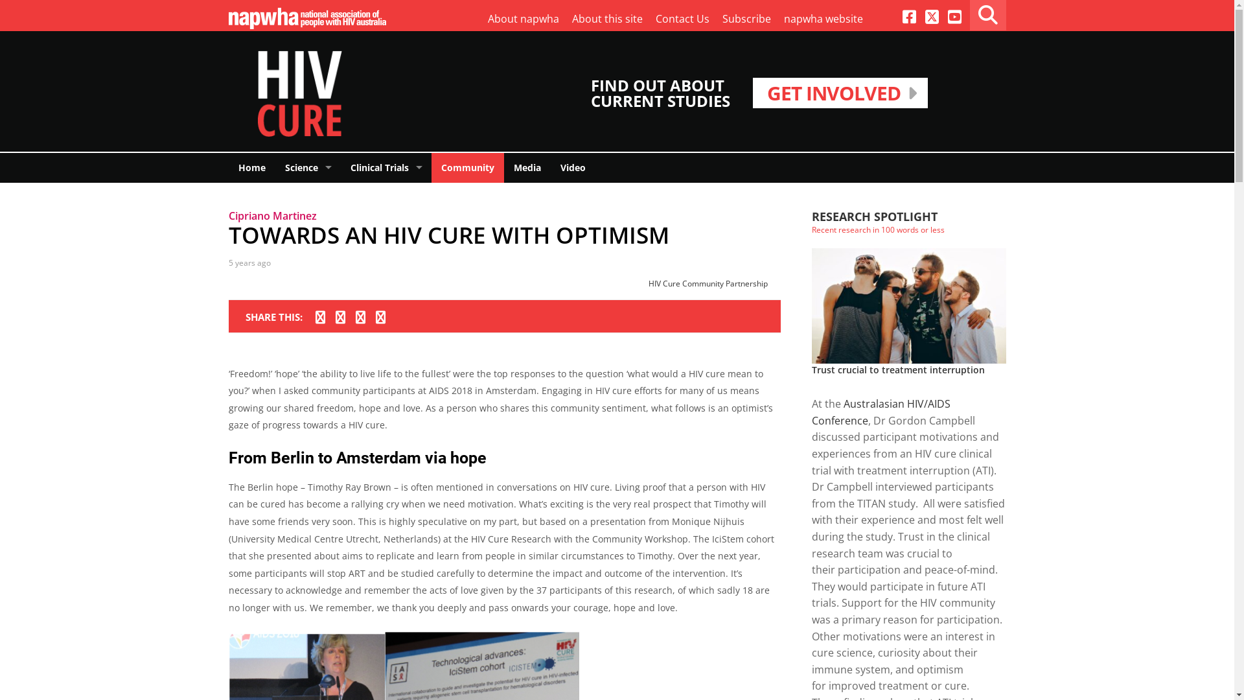 The width and height of the screenshot is (1244, 700). I want to click on 'Trust crucial to treatment interruption', so click(897, 369).